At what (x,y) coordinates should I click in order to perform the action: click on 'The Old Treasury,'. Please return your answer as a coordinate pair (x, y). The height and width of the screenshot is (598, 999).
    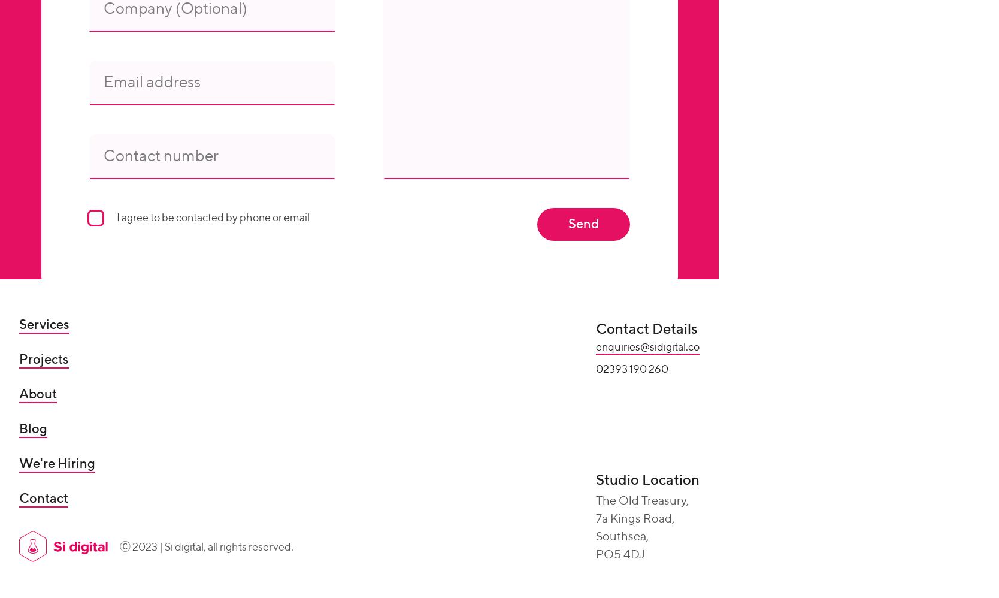
    Looking at the image, I should click on (595, 502).